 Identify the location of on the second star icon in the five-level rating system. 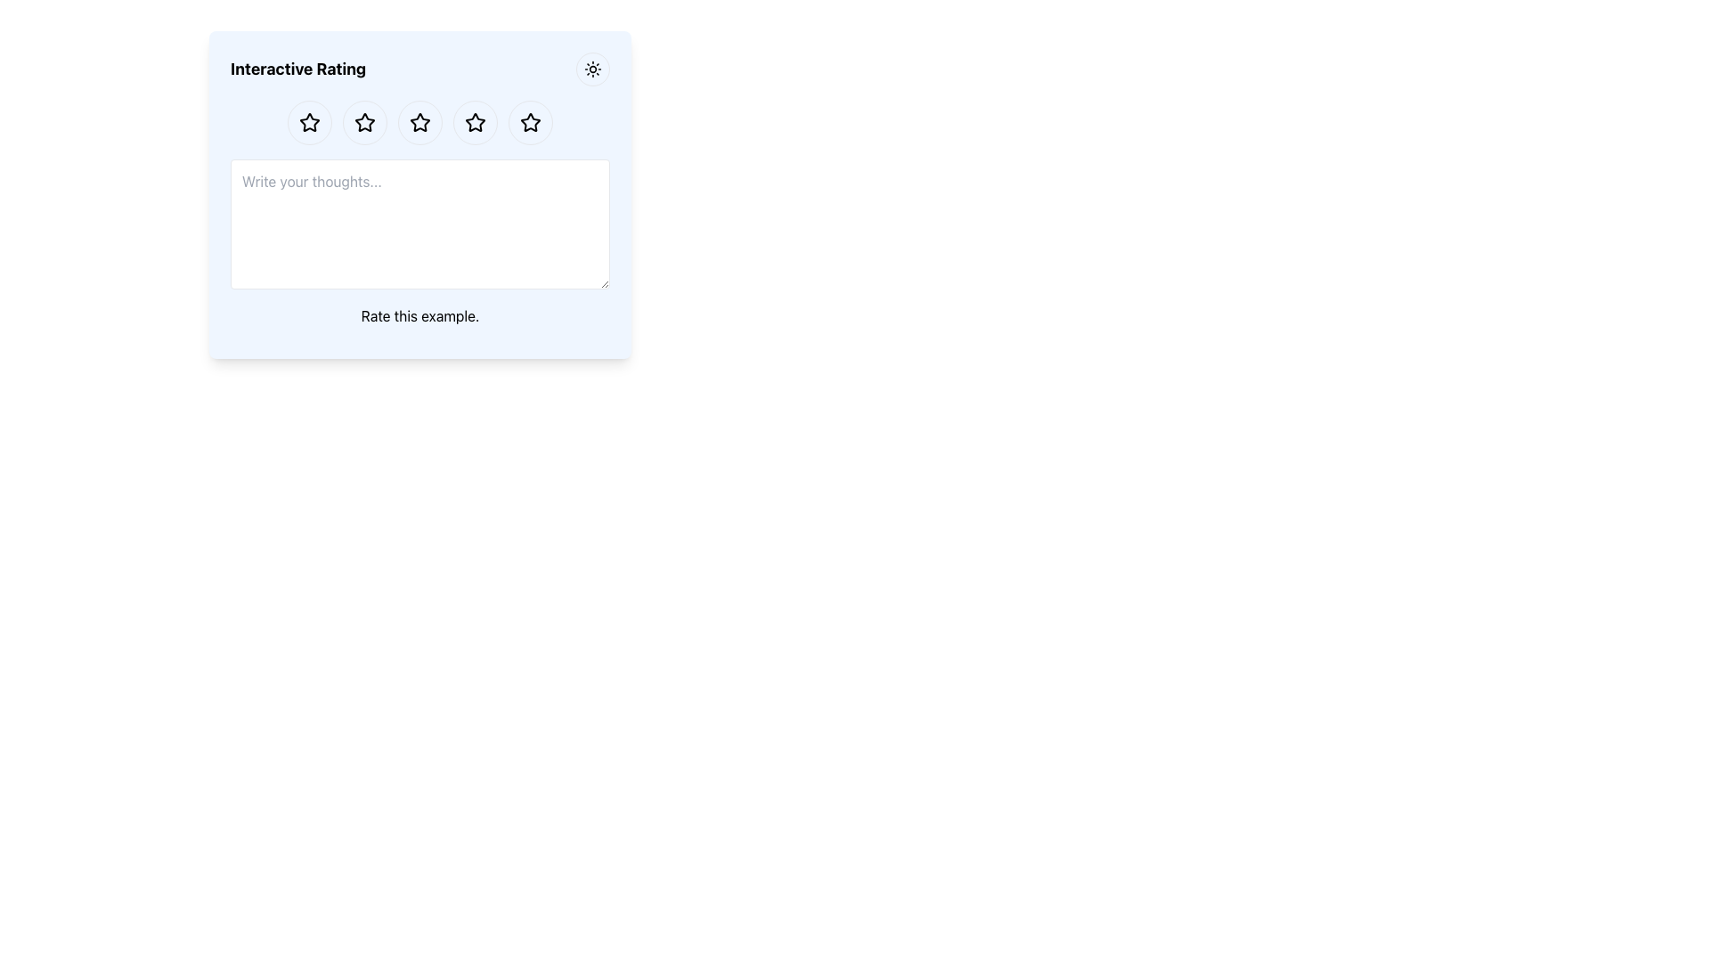
(363, 121).